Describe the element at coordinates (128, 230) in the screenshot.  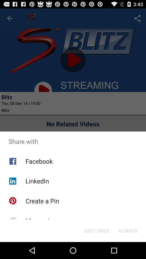
I see `the always button` at that location.